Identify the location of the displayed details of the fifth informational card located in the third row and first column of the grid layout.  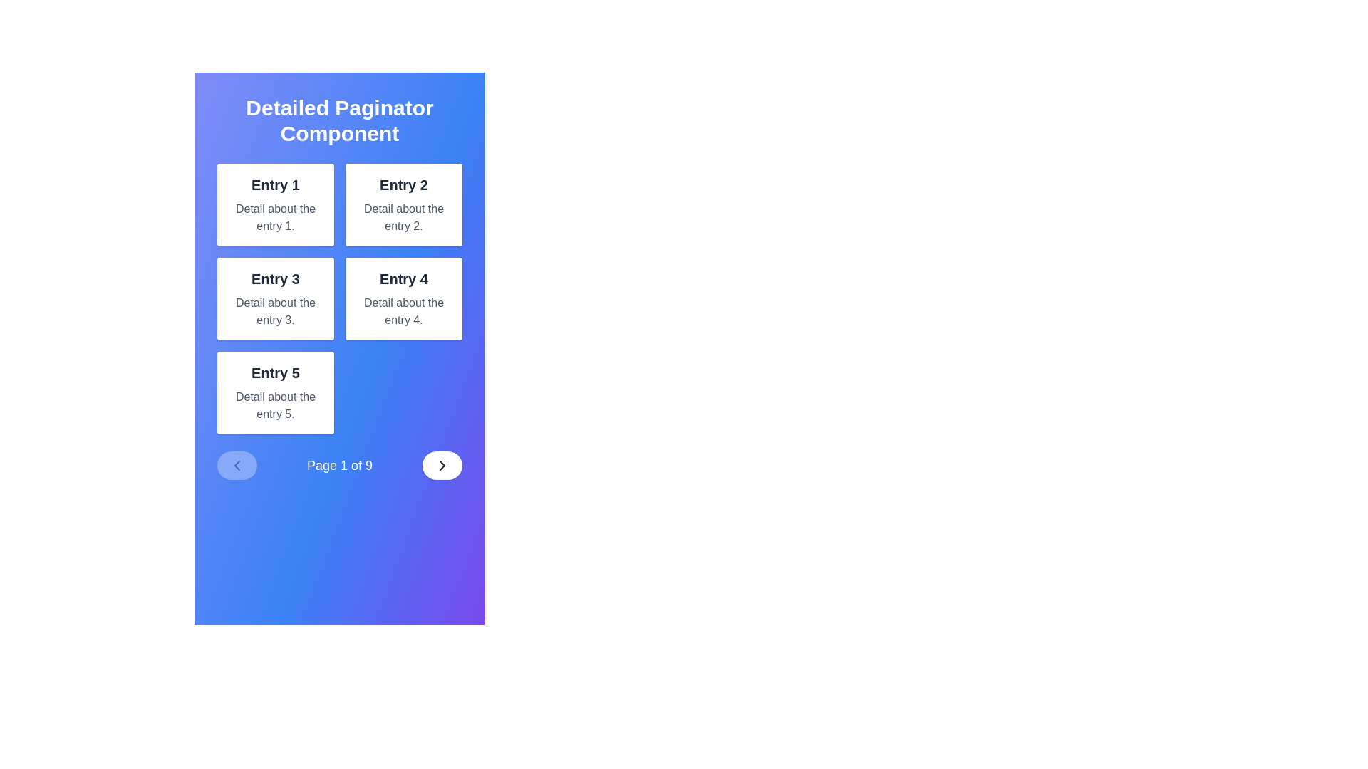
(276, 392).